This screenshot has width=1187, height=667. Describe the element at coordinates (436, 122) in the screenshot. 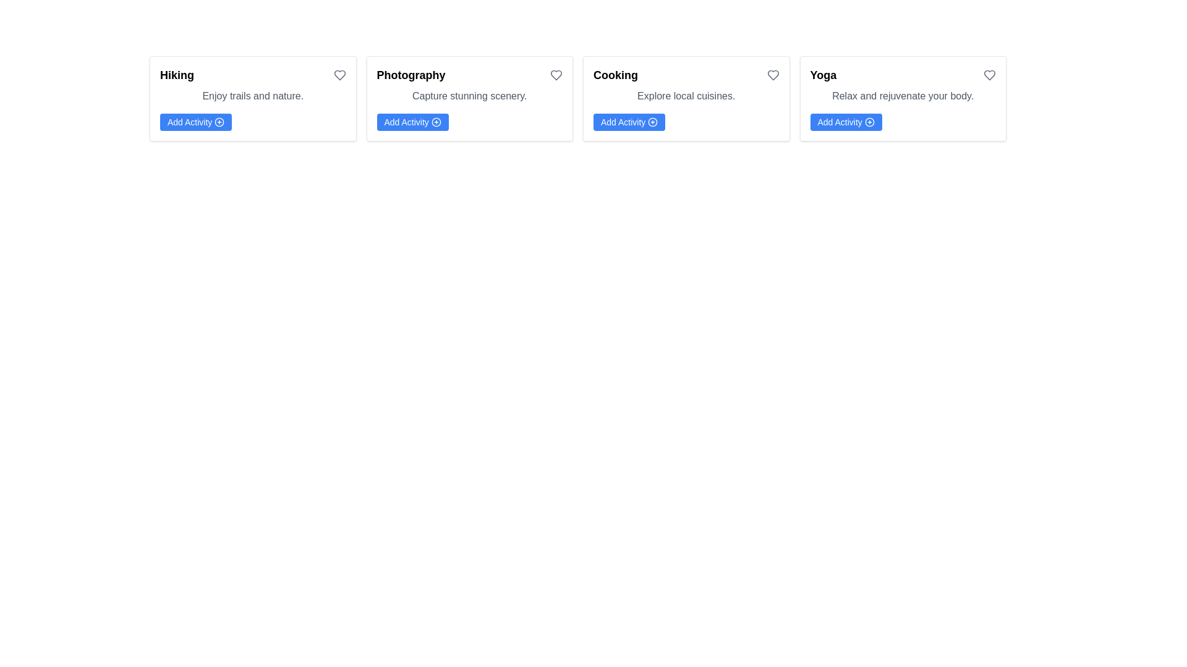

I see `the icon button for adding an activity related to the 'Photography' section, located at the right end of the 'Add Activity' button within the 'Photography' card` at that location.